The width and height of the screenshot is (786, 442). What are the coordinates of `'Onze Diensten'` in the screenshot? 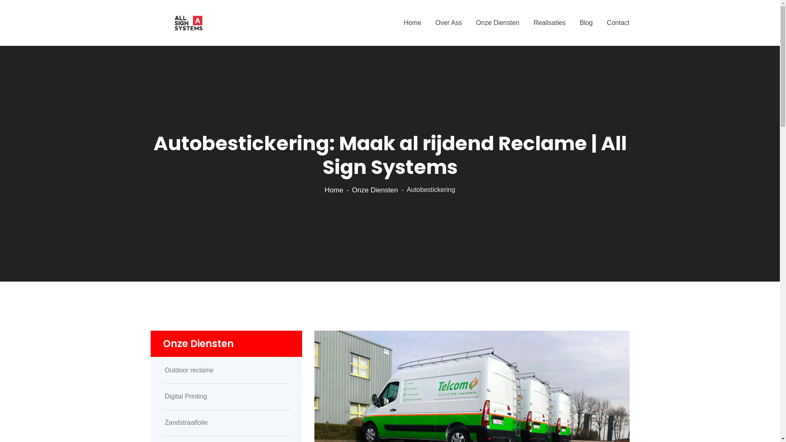 It's located at (497, 23).